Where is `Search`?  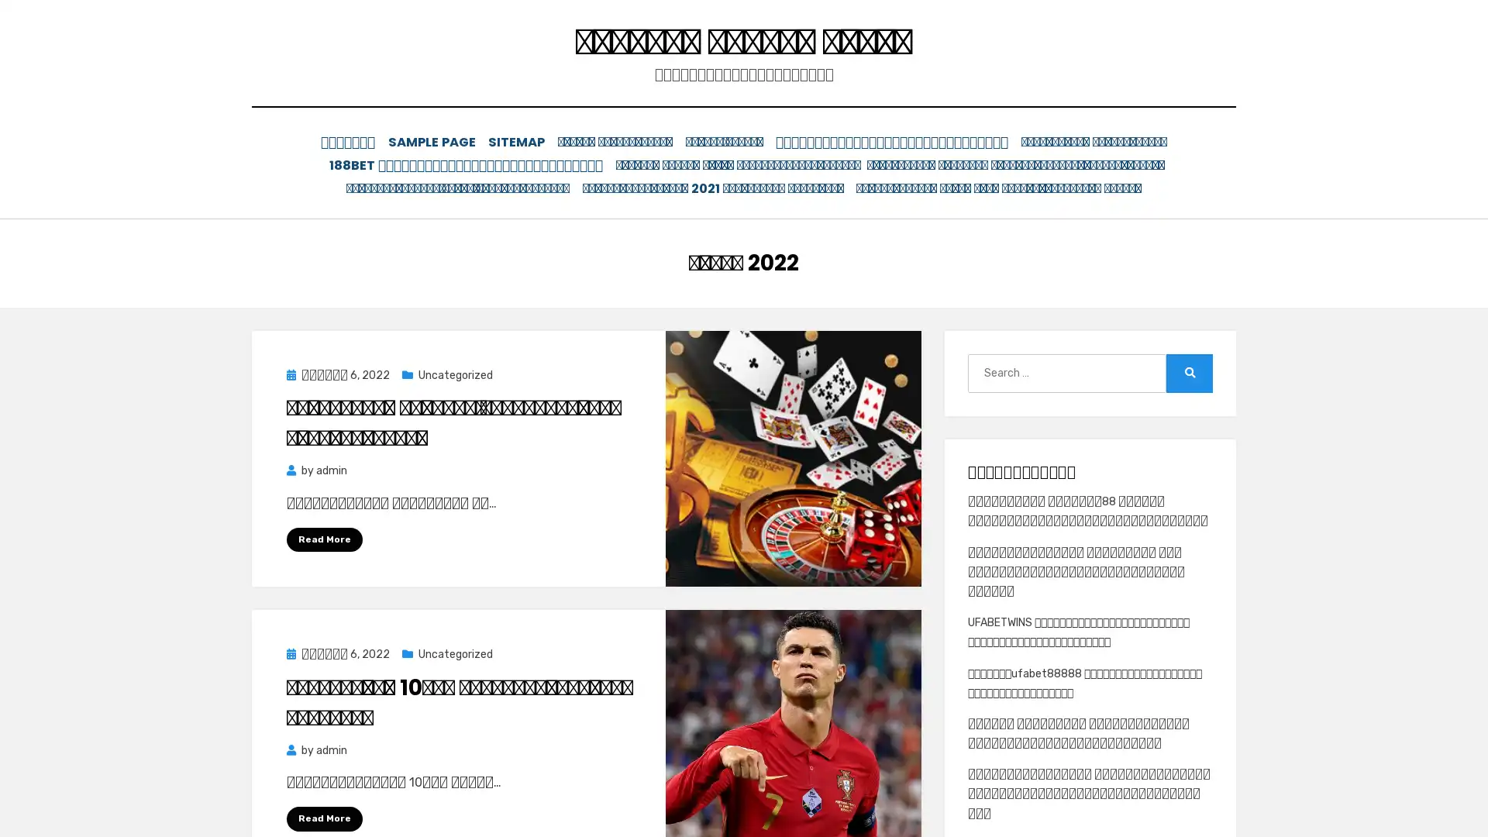
Search is located at coordinates (1189, 362).